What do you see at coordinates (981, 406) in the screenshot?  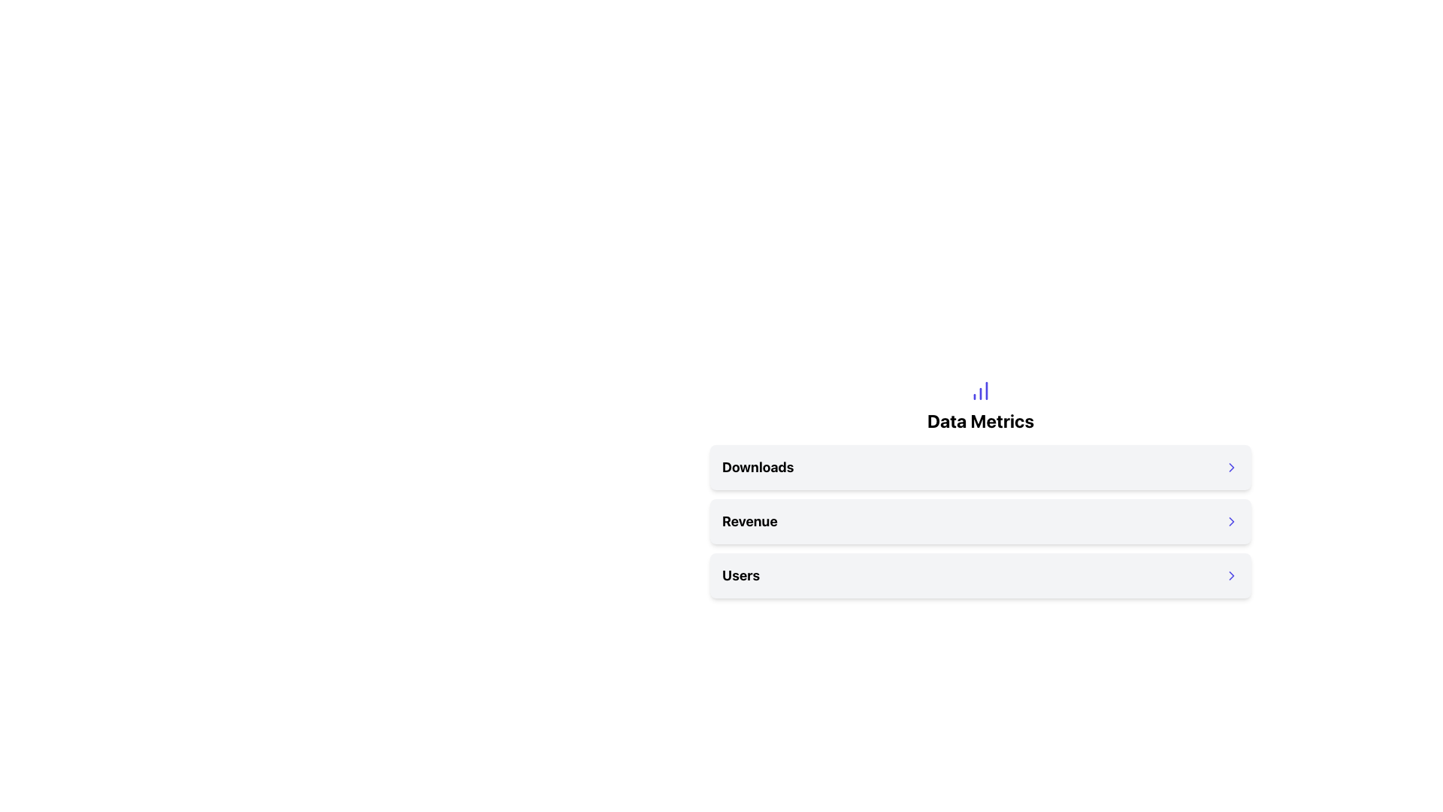 I see `the 'Data Metrics' header, which features bold text and a multi-bar chart icon above it, located in the upper section of the header area` at bounding box center [981, 406].